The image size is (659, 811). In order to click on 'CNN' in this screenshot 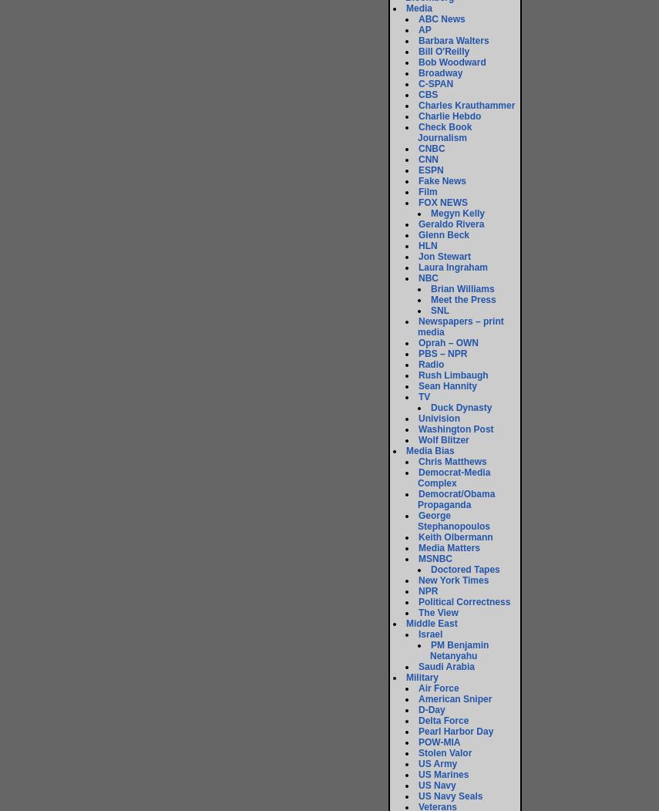, I will do `click(419, 160)`.